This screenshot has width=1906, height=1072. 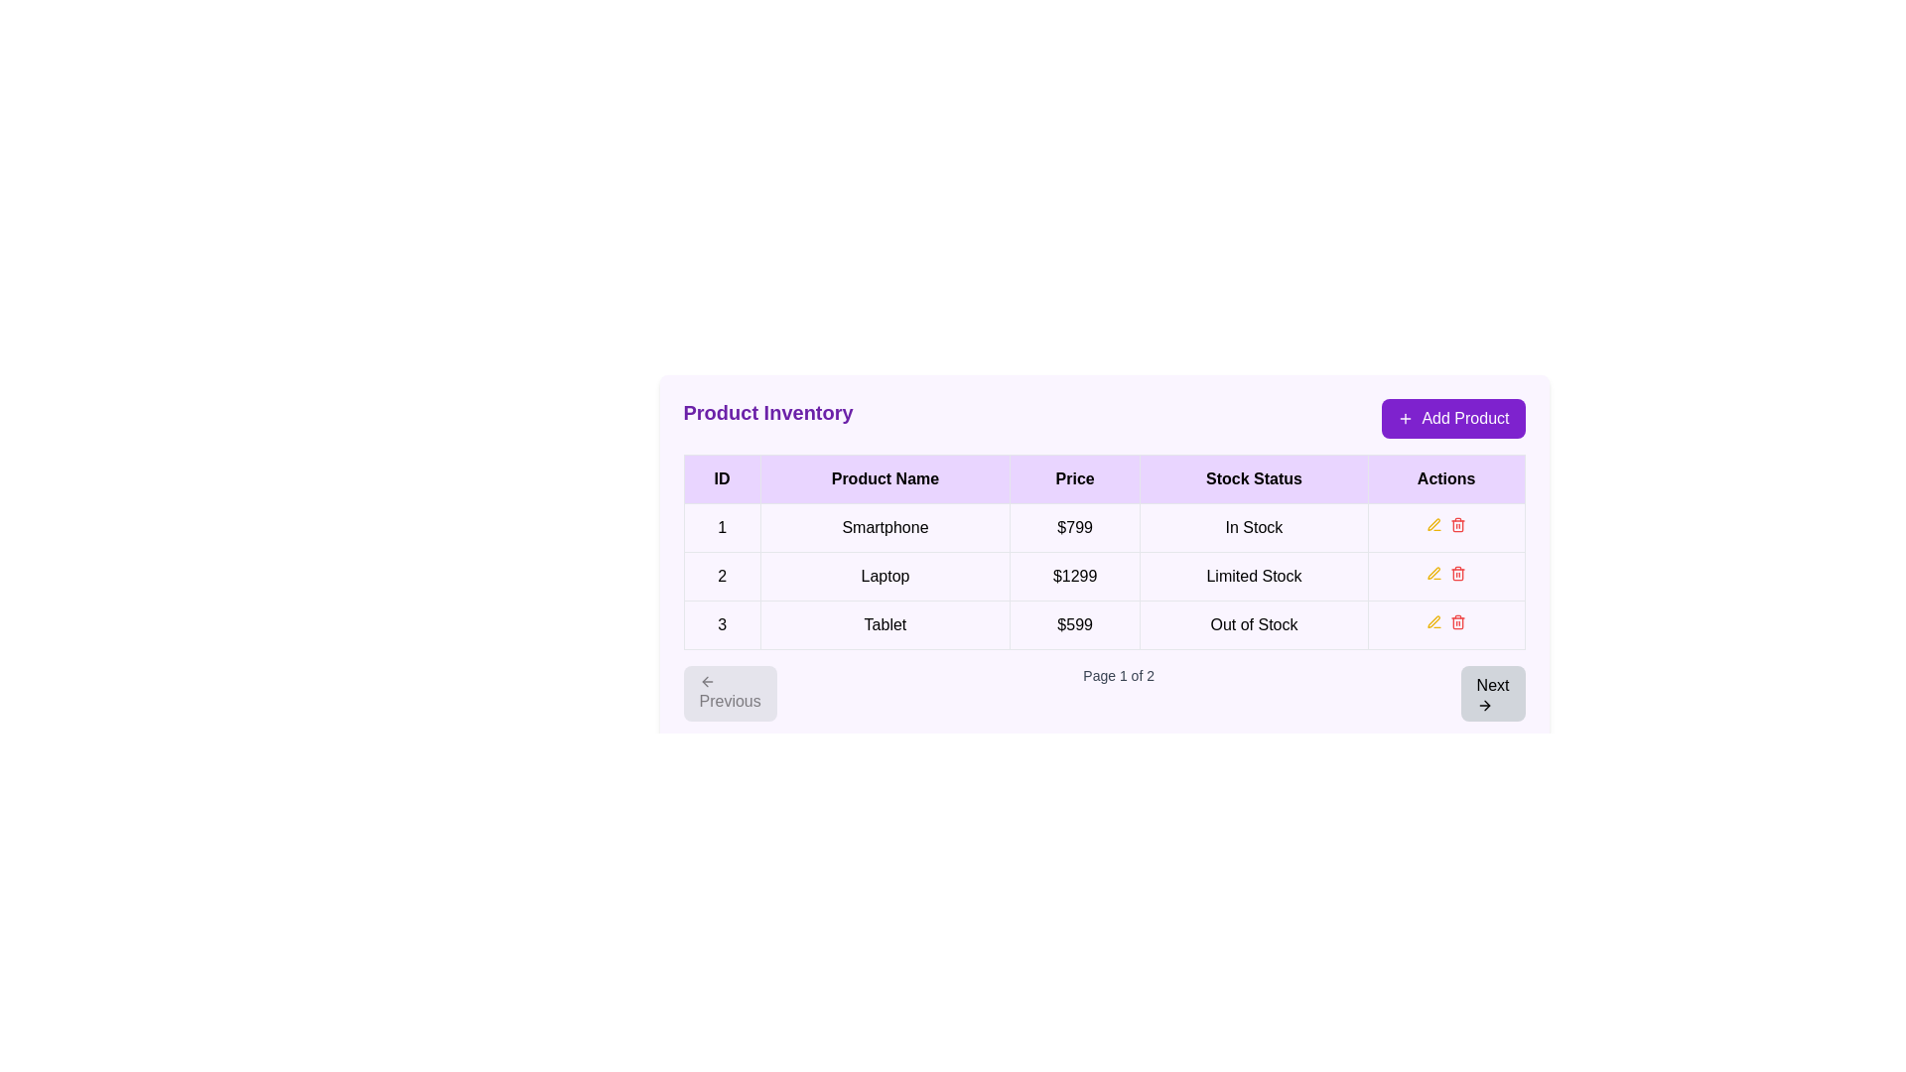 What do you see at coordinates (1103, 623) in the screenshot?
I see `the third row in the product inventory table, which provides details about the 'Tablet' product including its ID, price, and stock status` at bounding box center [1103, 623].